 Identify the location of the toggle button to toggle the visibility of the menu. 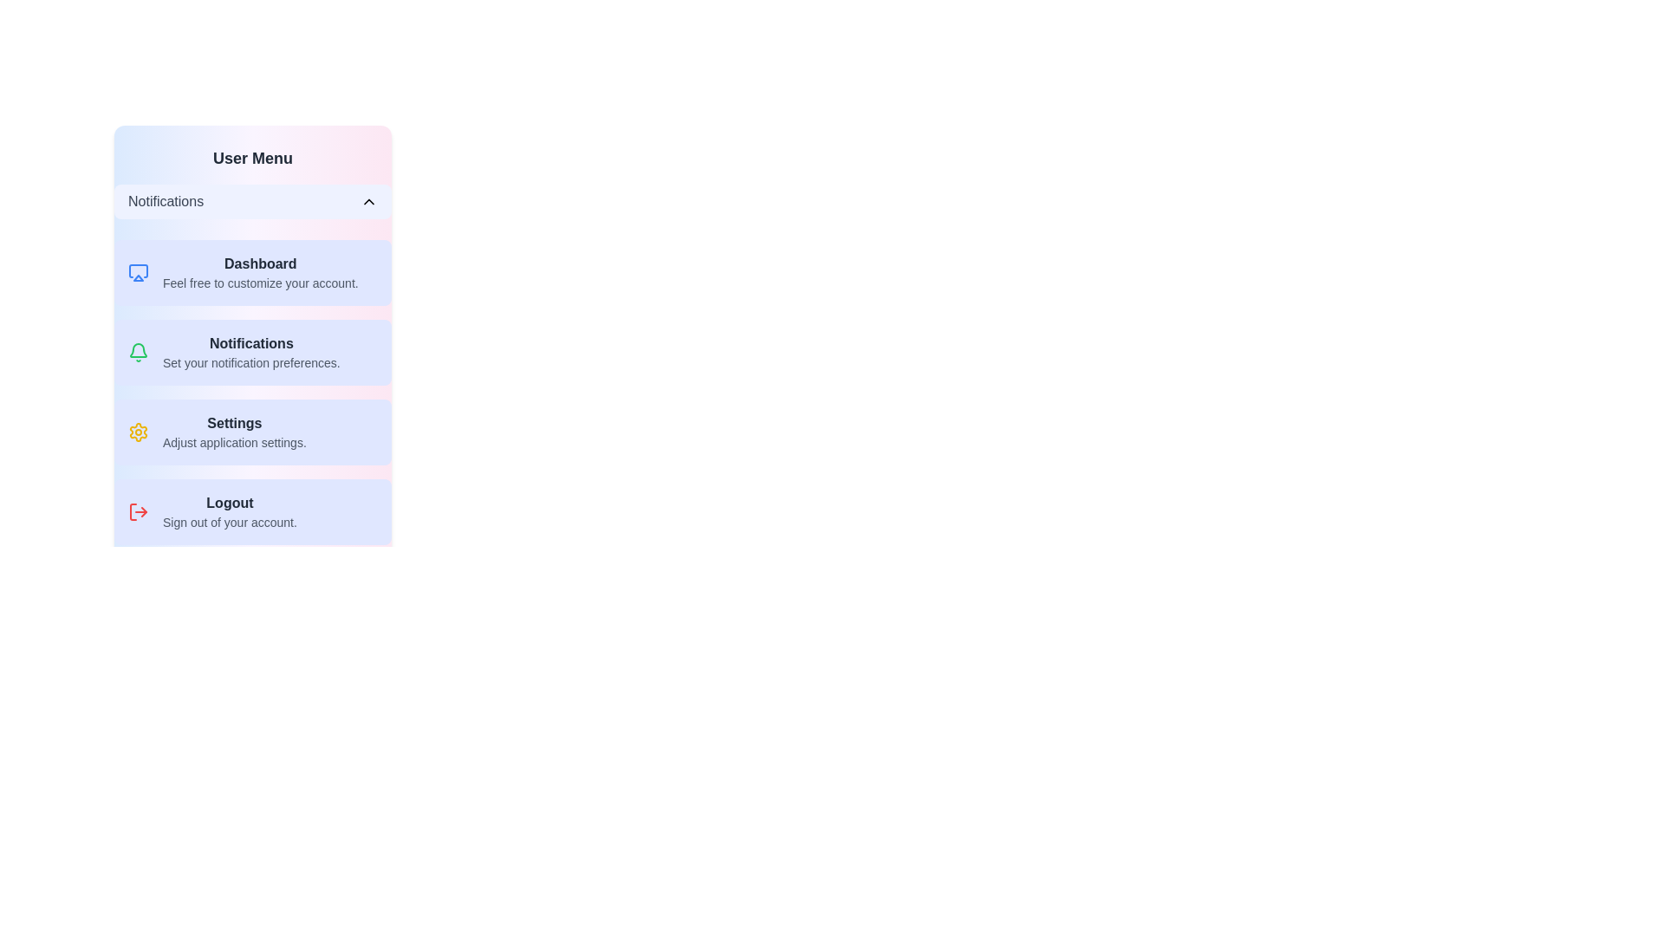
(252, 200).